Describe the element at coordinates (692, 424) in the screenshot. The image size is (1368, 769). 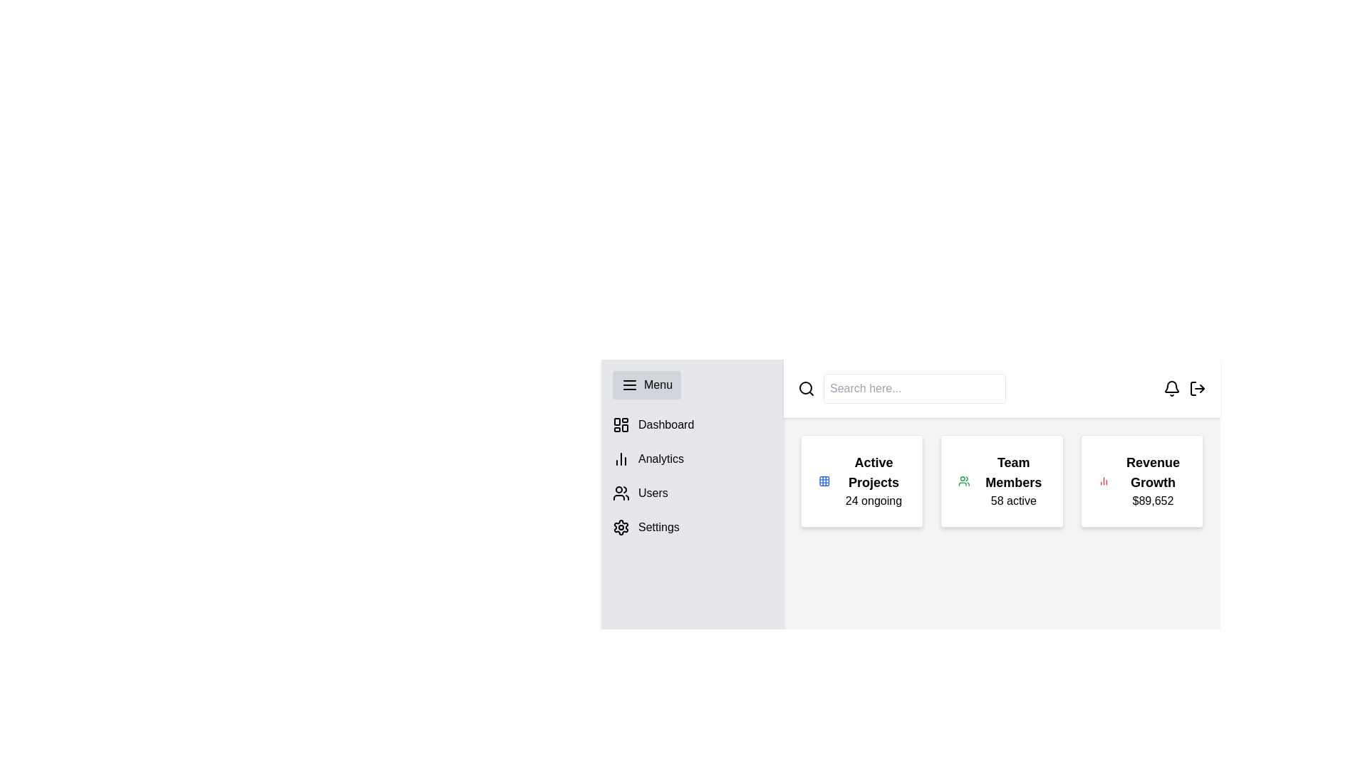
I see `the 'Dashboard' button located in the upper left corner of the sidebar navigation panel` at that location.